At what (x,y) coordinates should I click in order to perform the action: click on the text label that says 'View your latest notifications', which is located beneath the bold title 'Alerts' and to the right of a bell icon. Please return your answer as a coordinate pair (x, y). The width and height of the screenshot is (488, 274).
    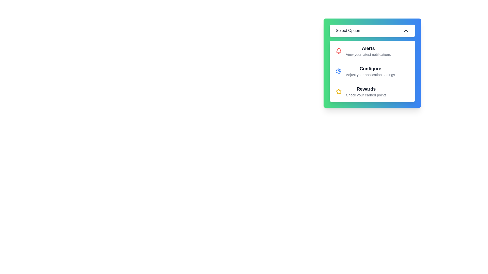
    Looking at the image, I should click on (368, 55).